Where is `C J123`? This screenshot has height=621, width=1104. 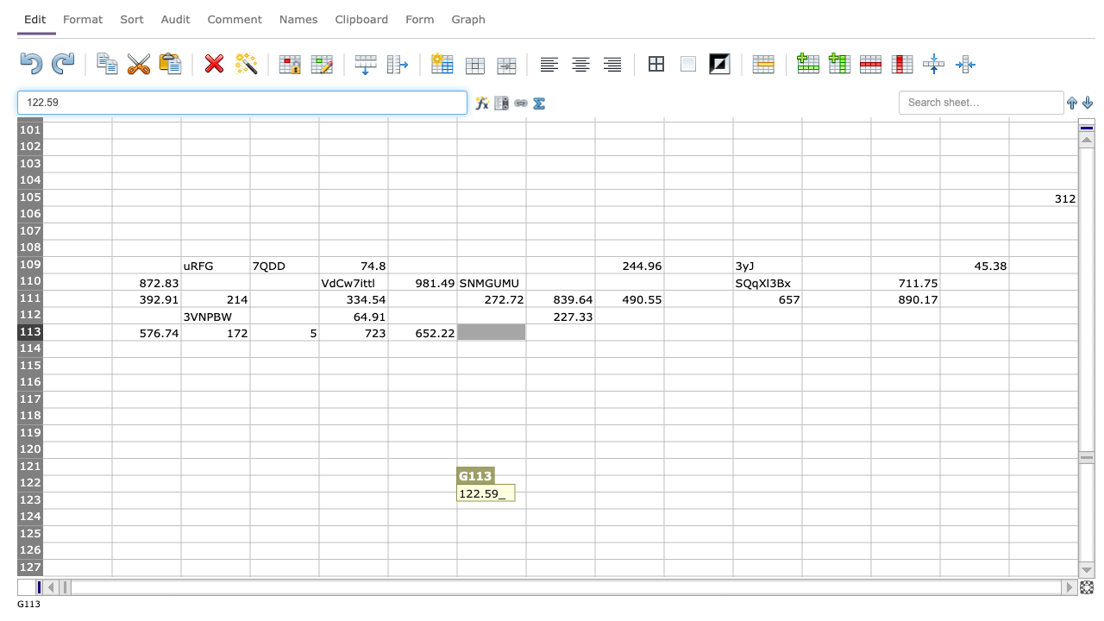
C J123 is located at coordinates (698, 500).